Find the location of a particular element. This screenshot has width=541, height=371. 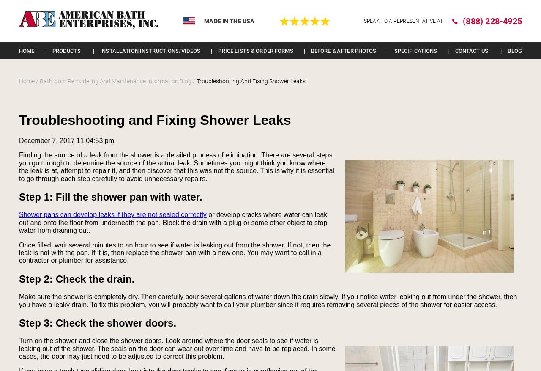

'Products' is located at coordinates (66, 50).